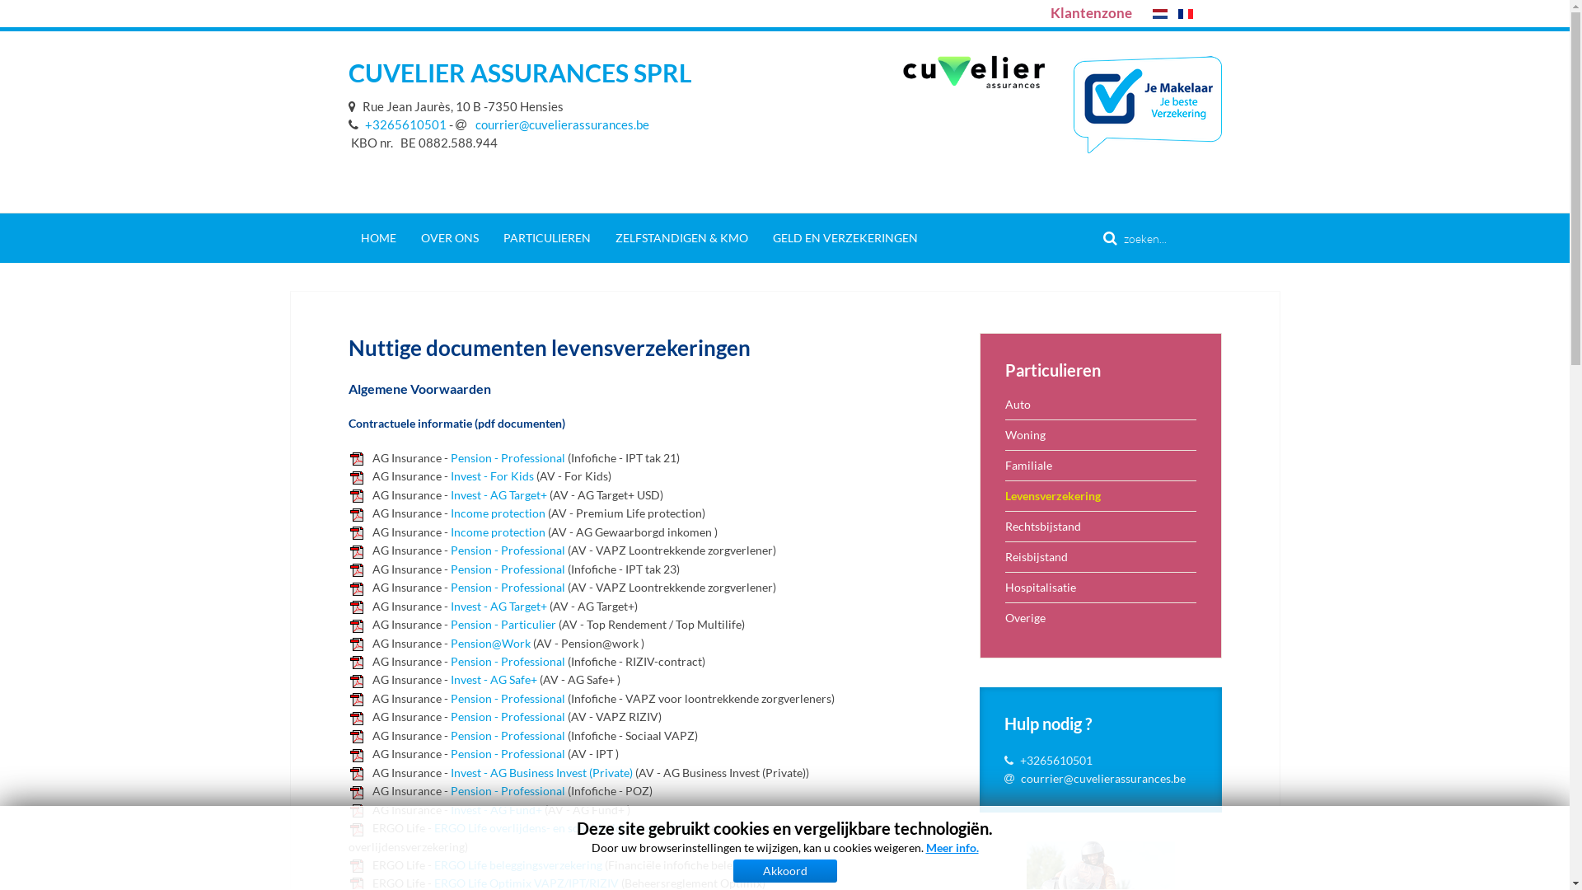  What do you see at coordinates (506, 660) in the screenshot?
I see `'Pension - Professional'` at bounding box center [506, 660].